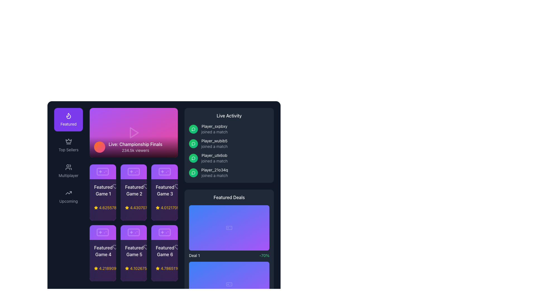 The width and height of the screenshot is (536, 302). What do you see at coordinates (207, 268) in the screenshot?
I see `the button located at the bottom right of the 'Featured Deals' section` at bounding box center [207, 268].